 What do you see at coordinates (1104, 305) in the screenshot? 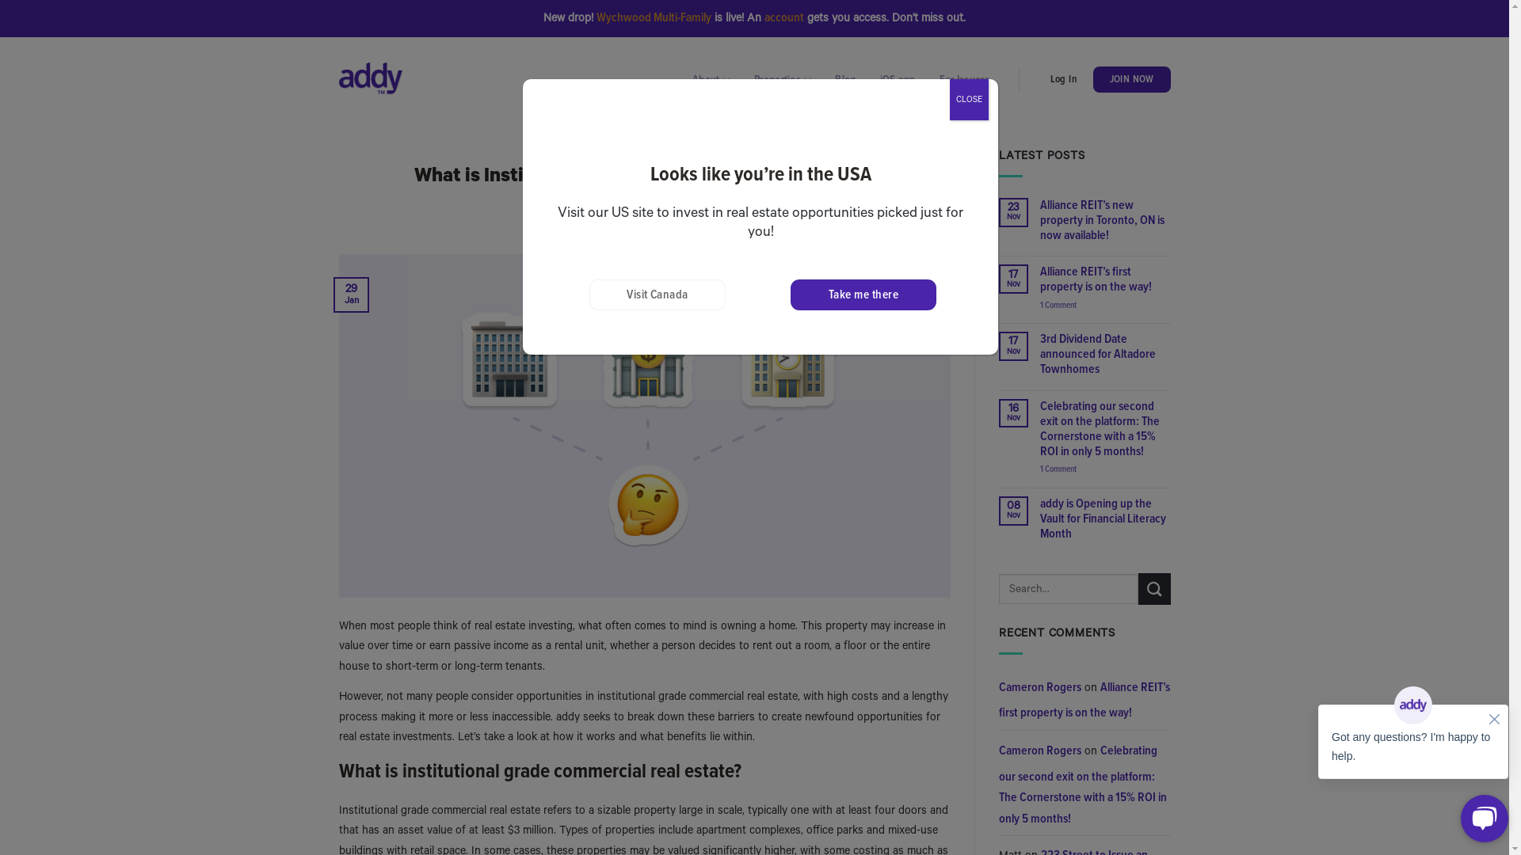
I see `'1 Comment'` at bounding box center [1104, 305].